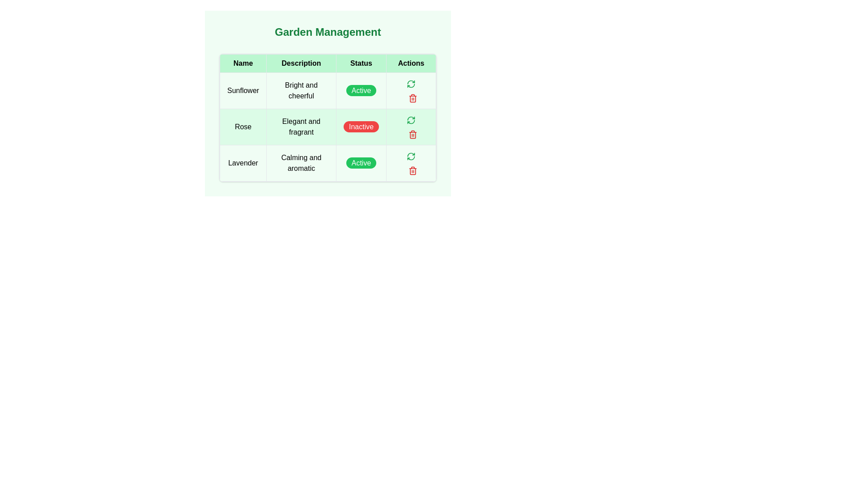 The width and height of the screenshot is (859, 483). Describe the element at coordinates (327, 163) in the screenshot. I see `the third row` at that location.